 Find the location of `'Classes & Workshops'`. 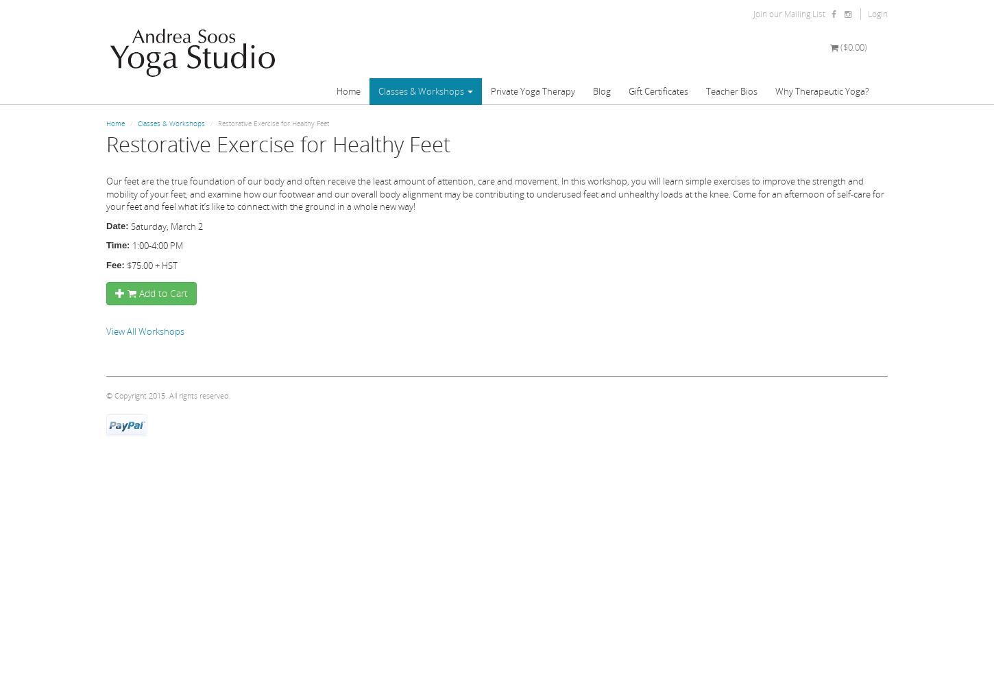

'Classes & Workshops' is located at coordinates (171, 123).